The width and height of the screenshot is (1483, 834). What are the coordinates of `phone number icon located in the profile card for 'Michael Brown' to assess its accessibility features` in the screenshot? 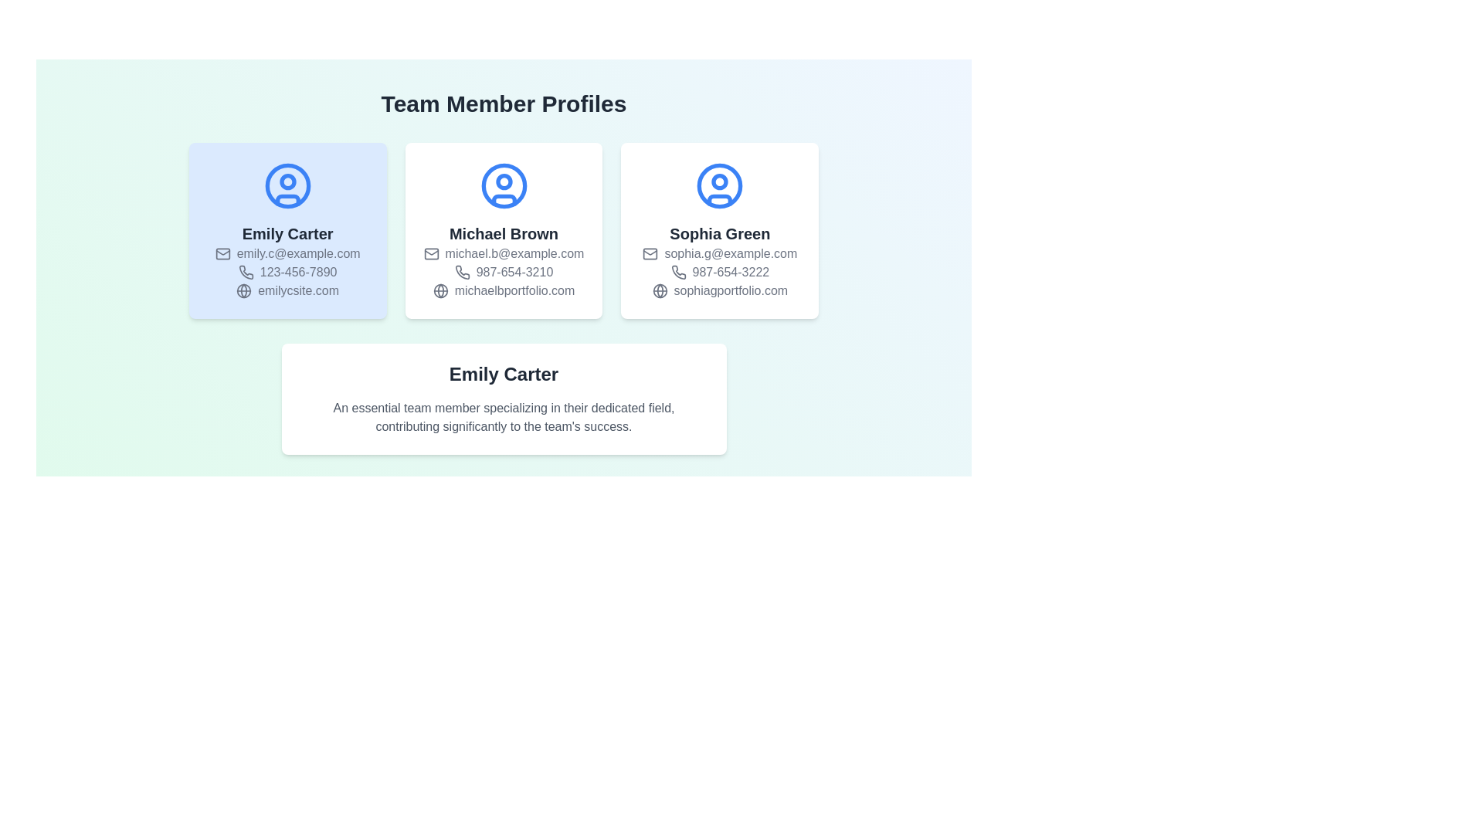 It's located at (461, 271).